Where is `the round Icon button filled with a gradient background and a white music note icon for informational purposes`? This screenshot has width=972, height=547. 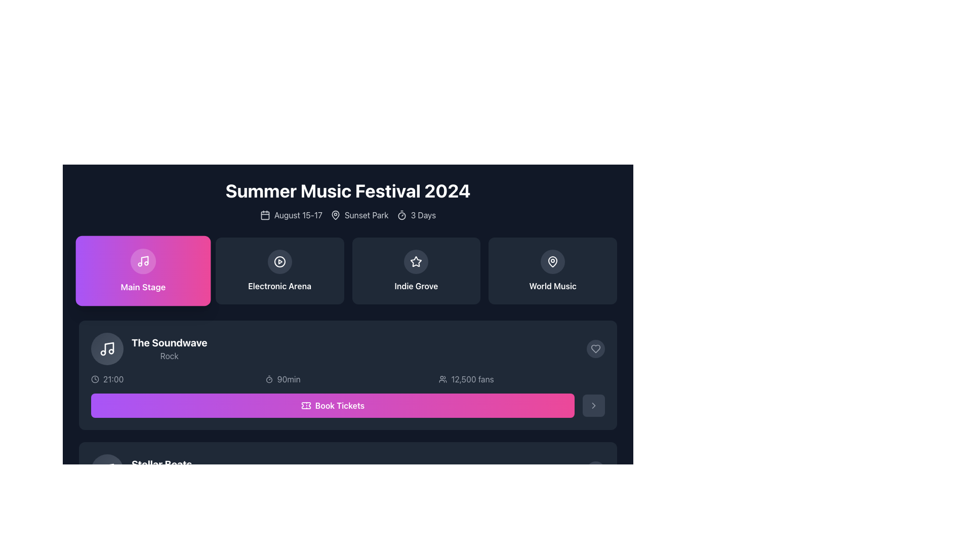
the round Icon button filled with a gradient background and a white music note icon for informational purposes is located at coordinates (107, 348).